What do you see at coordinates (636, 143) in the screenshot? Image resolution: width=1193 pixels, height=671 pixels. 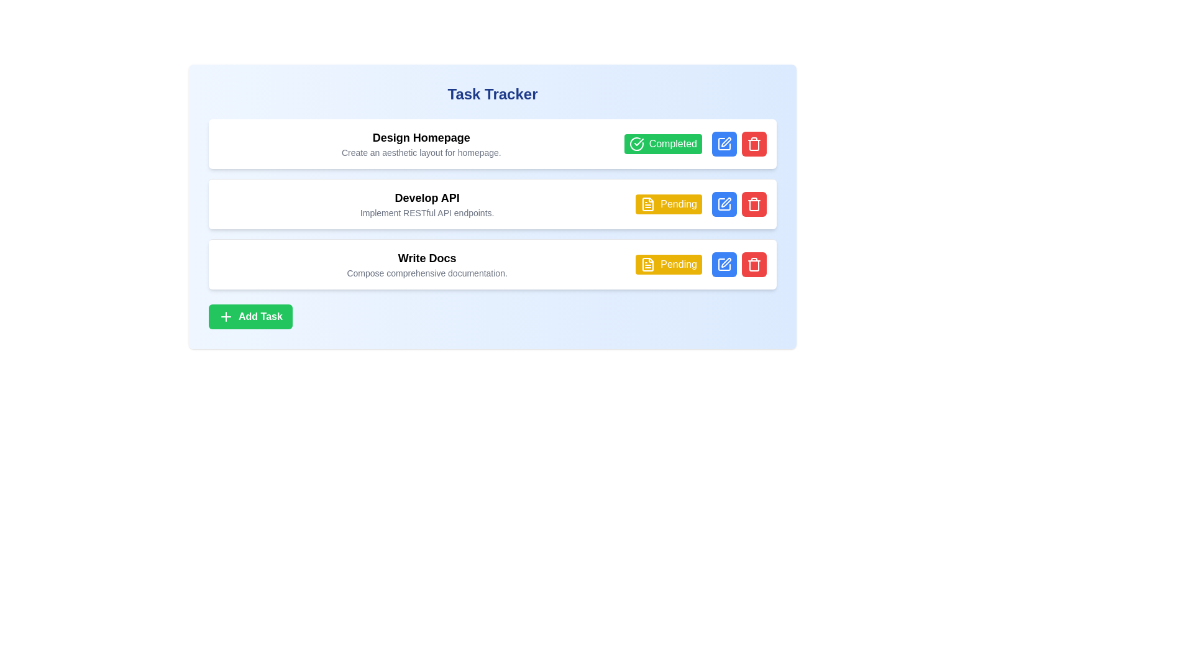 I see `the circular icon with a checkmark inside, which is styled in white lines on a green background, located to the left of the 'Completed' label in the 'Design Homepage' task row` at bounding box center [636, 143].